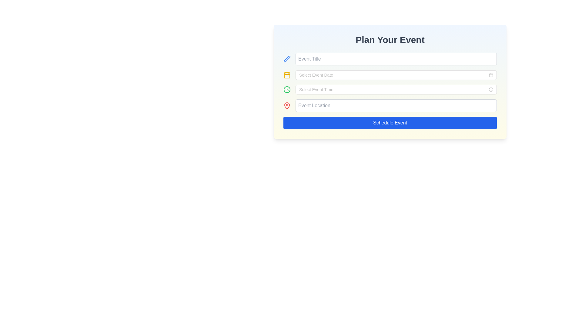 The image size is (582, 327). I want to click on the Time picker input field, which is the third input field in the event scheduling form, positioned between the 'Select Event Date' and 'Event Location' fields, so click(396, 90).